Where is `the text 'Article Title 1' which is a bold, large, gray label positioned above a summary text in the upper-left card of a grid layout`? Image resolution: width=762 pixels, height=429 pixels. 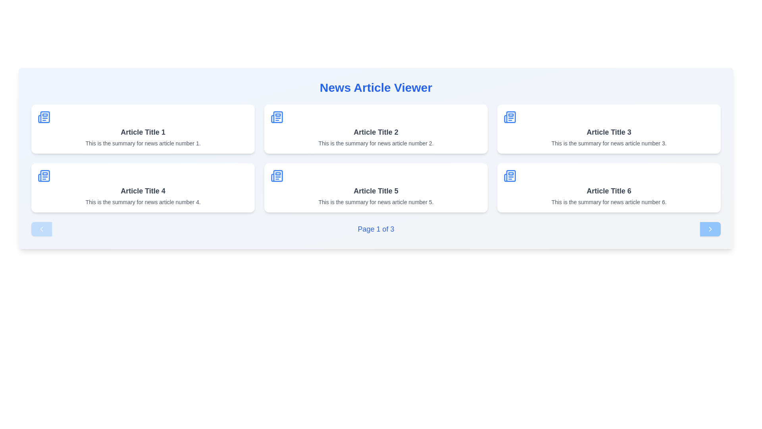
the text 'Article Title 1' which is a bold, large, gray label positioned above a summary text in the upper-left card of a grid layout is located at coordinates (143, 131).